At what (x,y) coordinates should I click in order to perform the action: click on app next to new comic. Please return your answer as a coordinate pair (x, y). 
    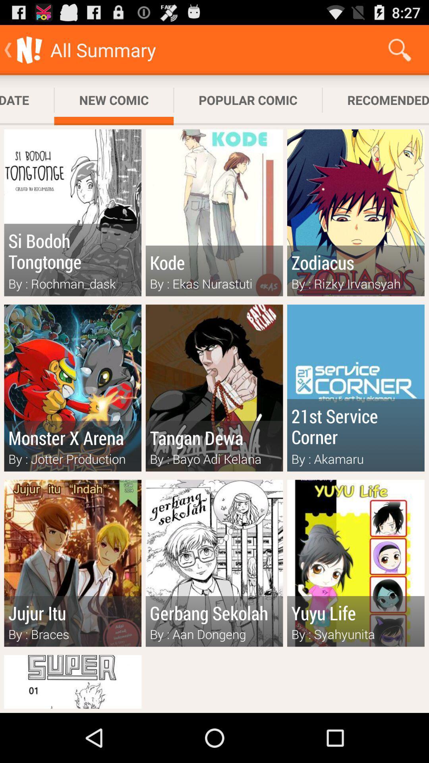
    Looking at the image, I should click on (247, 100).